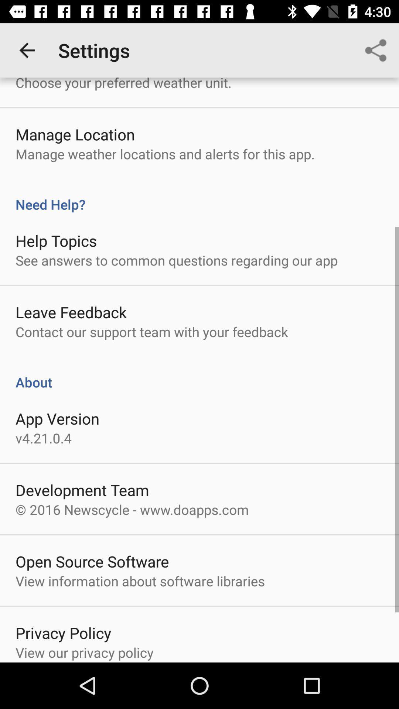 The image size is (399, 709). I want to click on the 2016 newscycle www icon, so click(132, 509).